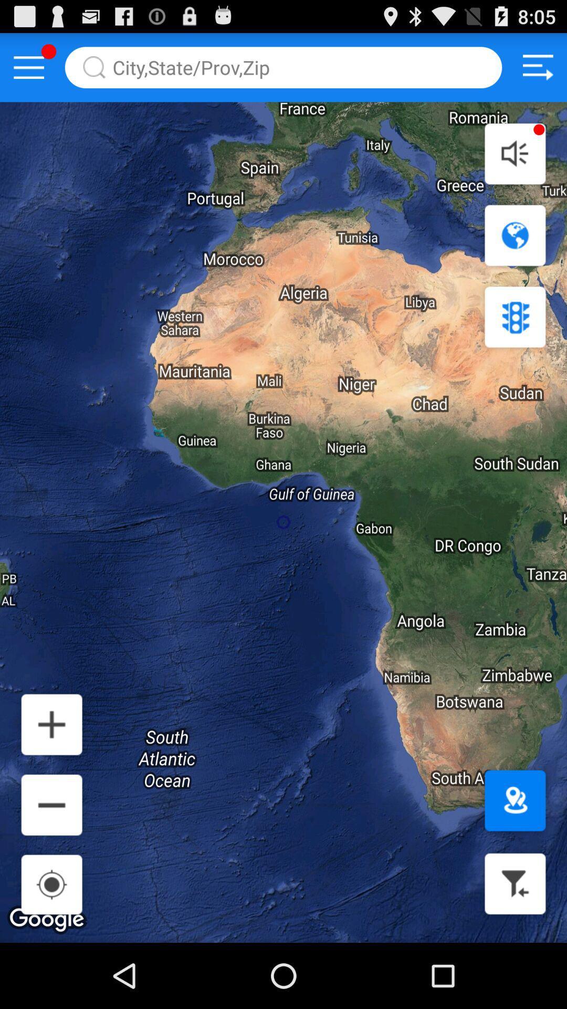 Image resolution: width=567 pixels, height=1009 pixels. Describe the element at coordinates (28, 71) in the screenshot. I see `the menu icon` at that location.